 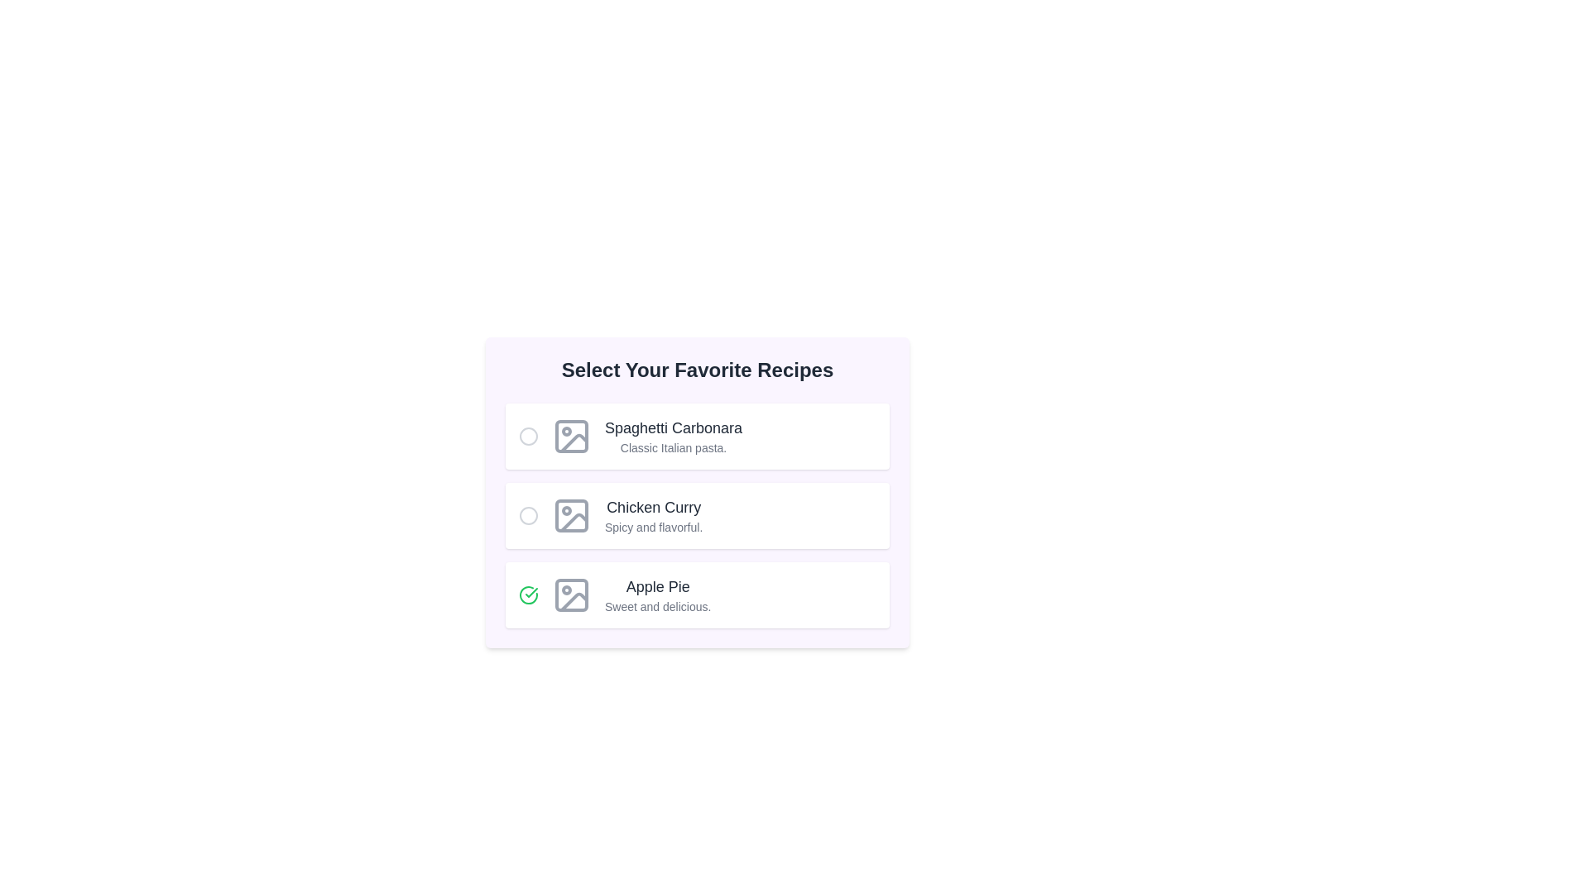 What do you see at coordinates (527, 436) in the screenshot?
I see `the recipe identified by its name Spaghetti Carbonara` at bounding box center [527, 436].